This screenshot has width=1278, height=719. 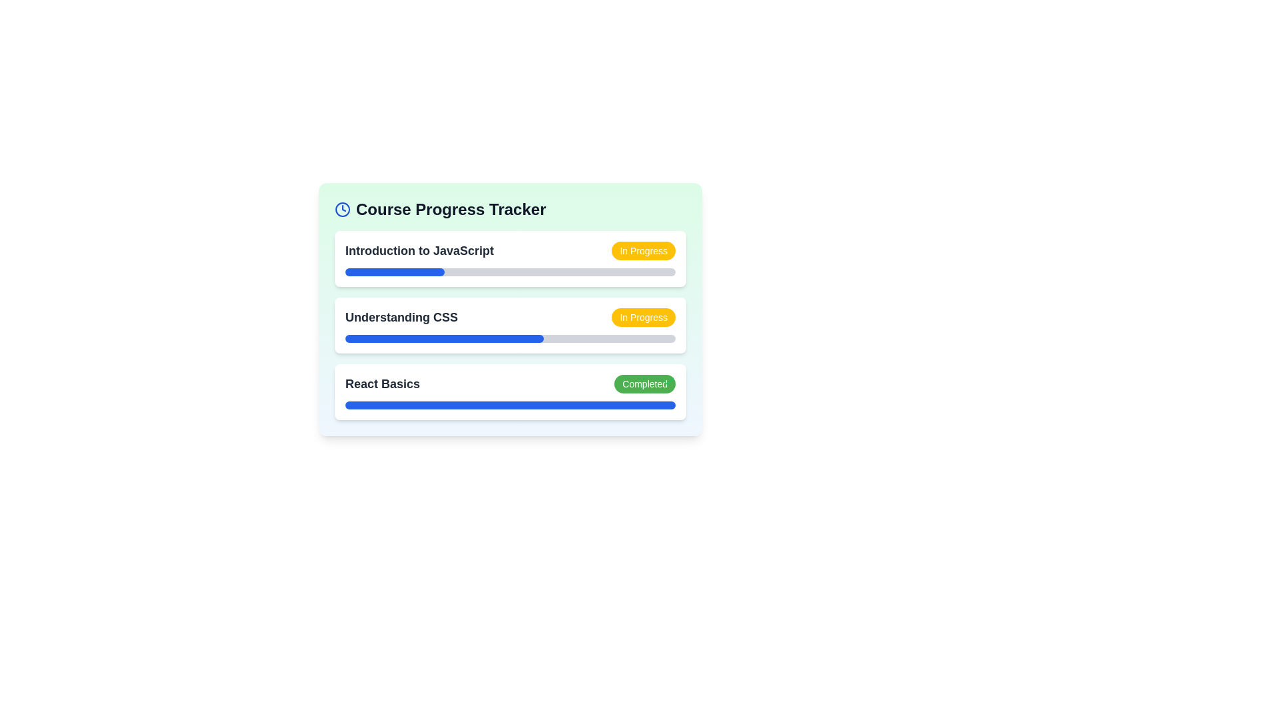 I want to click on the status indicated by the Status Indicator located to the right of the text 'Understanding CSS' in the second row of the 'Course Progress Tracker' section, so click(x=644, y=318).